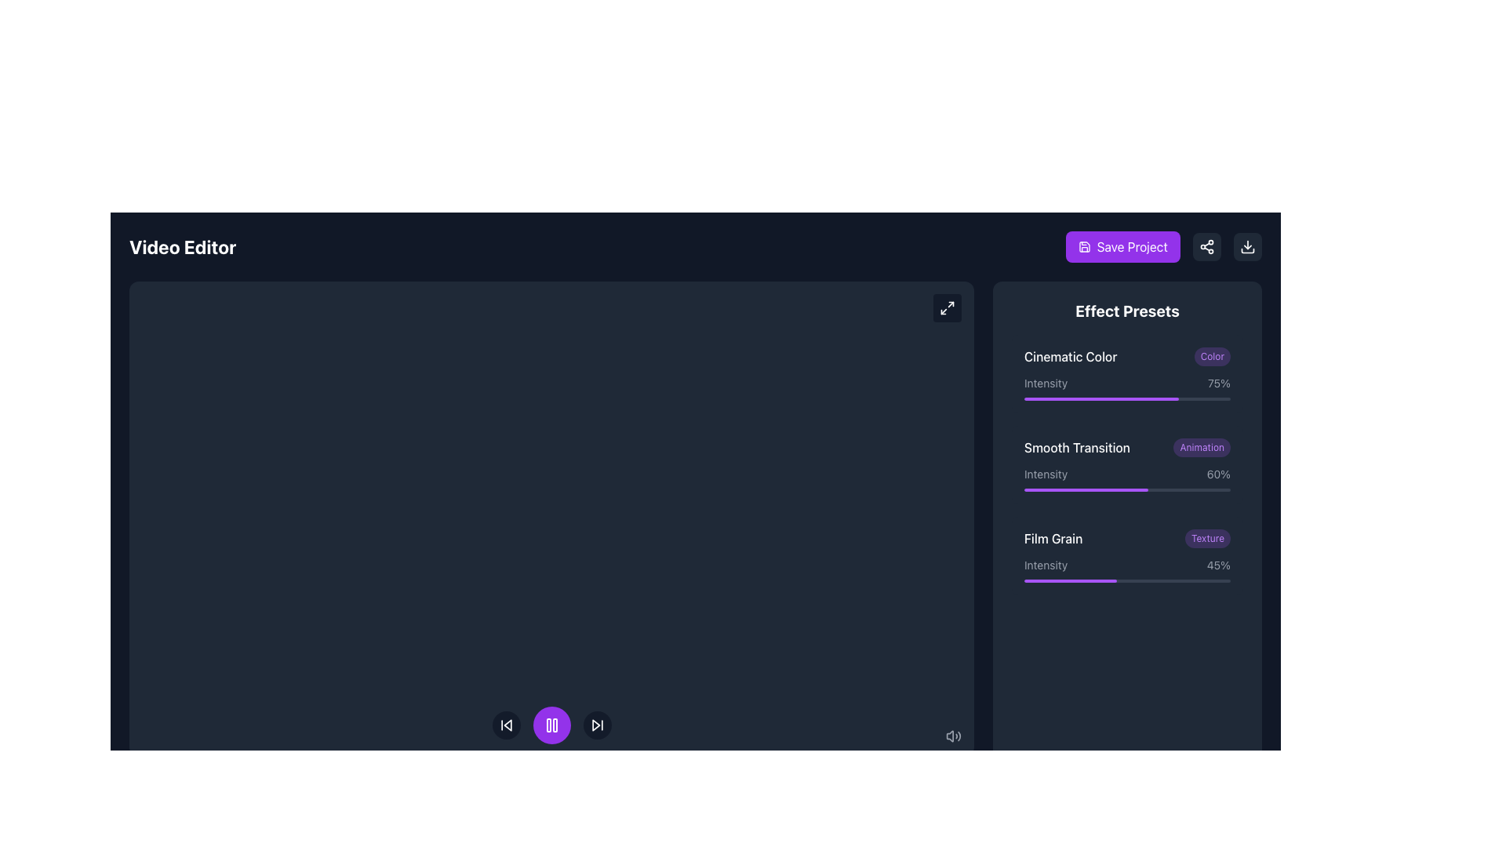 Image resolution: width=1506 pixels, height=847 pixels. What do you see at coordinates (596, 725) in the screenshot?
I see `the forward arrow icon within the circular button, which is the rightmost in the group of control buttons near the lower center of the interface` at bounding box center [596, 725].